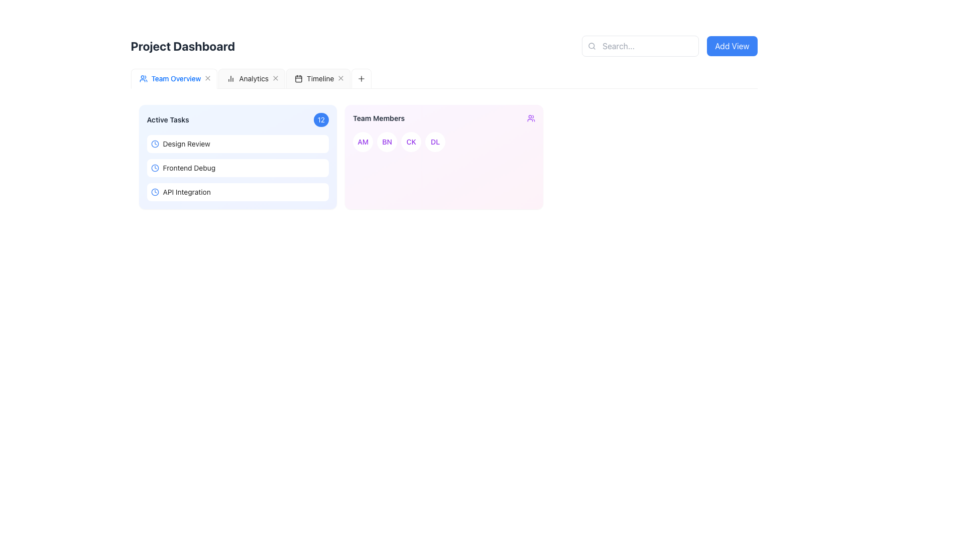 This screenshot has height=542, width=964. What do you see at coordinates (591, 46) in the screenshot?
I see `the decorative search icon located in the upper-right corner of the interface, adjacent to the 'Add View' button` at bounding box center [591, 46].